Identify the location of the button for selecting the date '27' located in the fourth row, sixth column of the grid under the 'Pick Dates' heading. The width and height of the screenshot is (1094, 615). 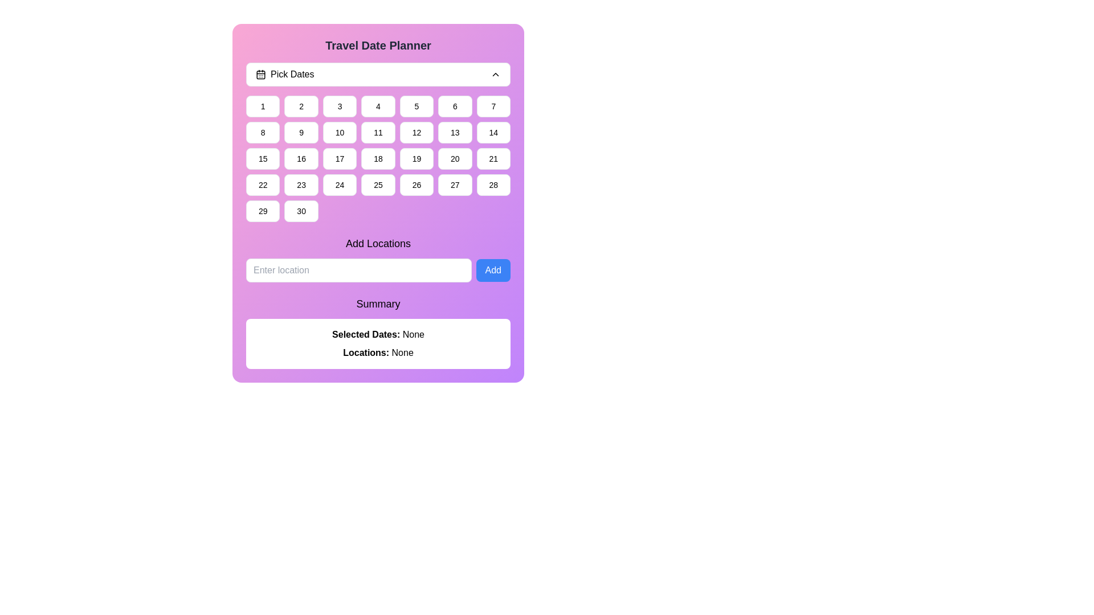
(454, 184).